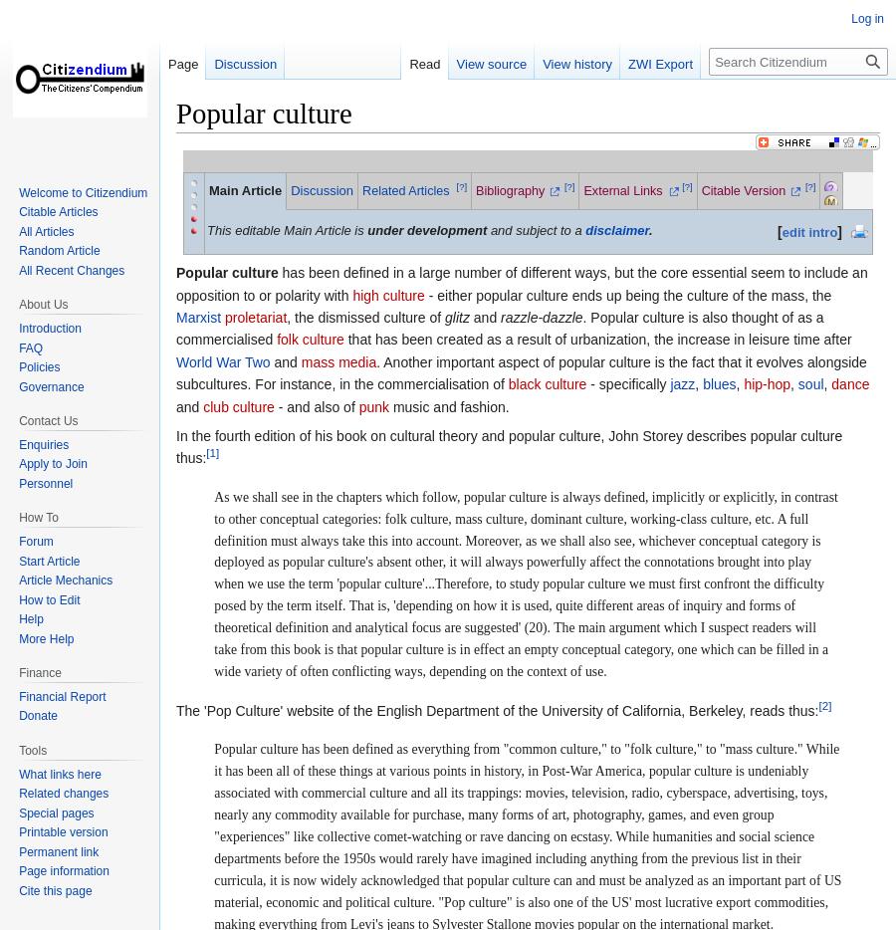 The height and width of the screenshot is (930, 896). What do you see at coordinates (616, 229) in the screenshot?
I see `'disclaimer'` at bounding box center [616, 229].